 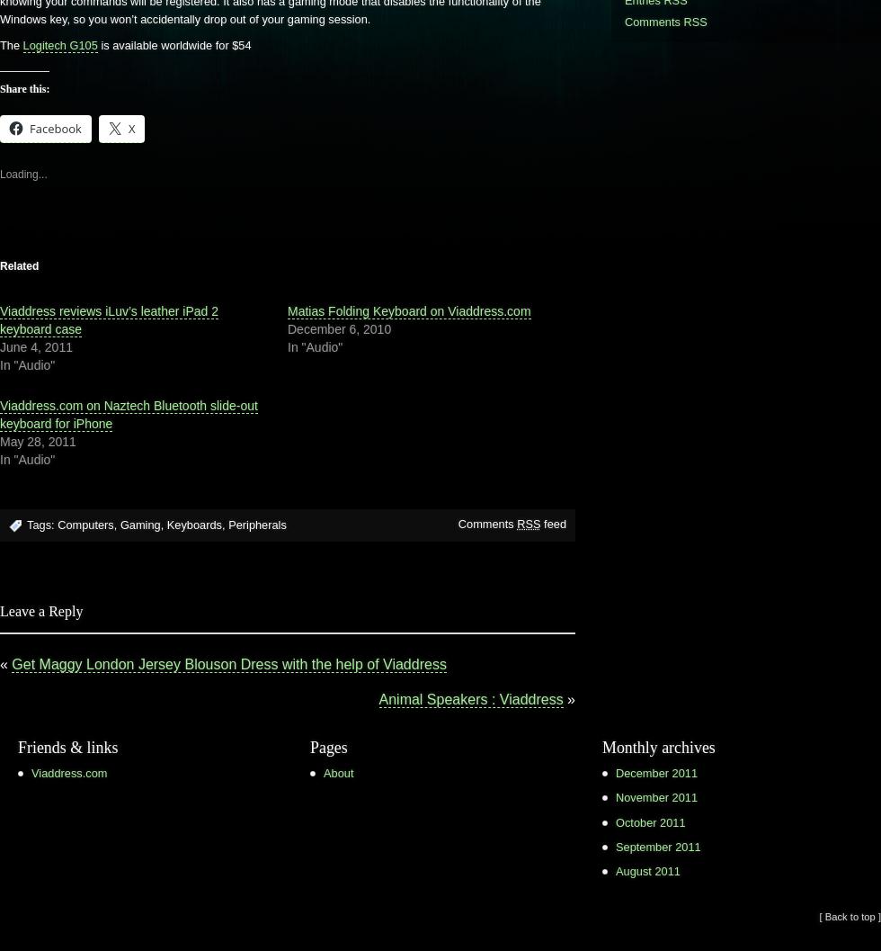 I want to click on 'November 2011', so click(x=656, y=796).